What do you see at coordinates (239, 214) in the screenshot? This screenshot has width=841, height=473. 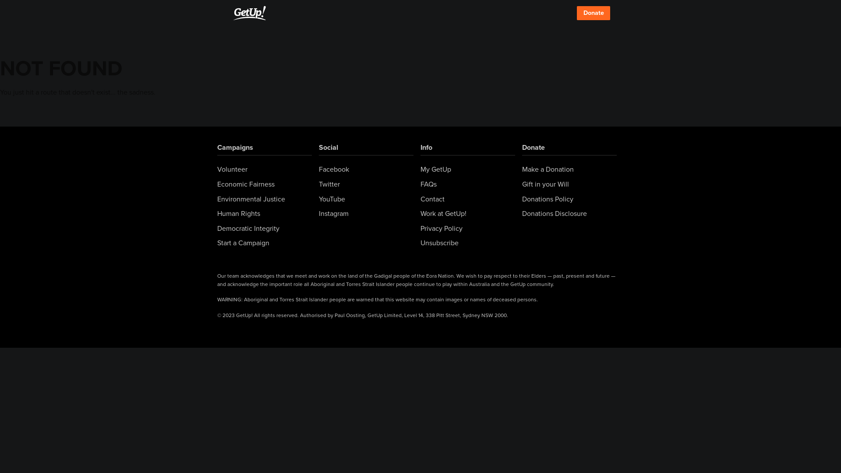 I see `'Human Rights'` at bounding box center [239, 214].